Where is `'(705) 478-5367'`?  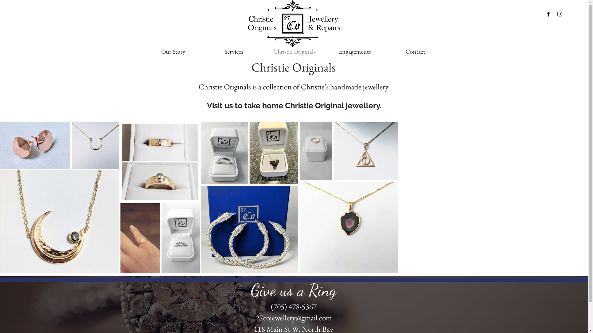 '(705) 478-5367' is located at coordinates (293, 306).